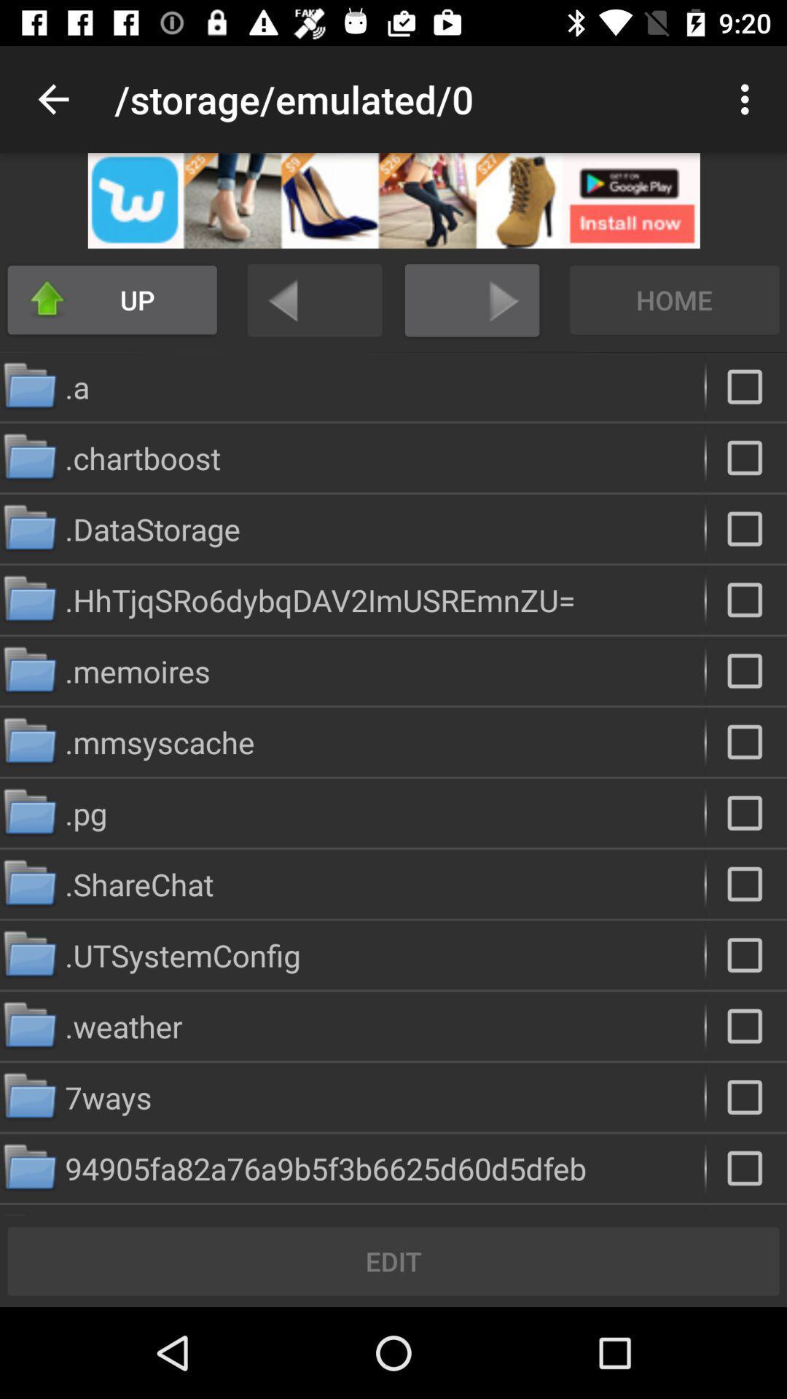 The height and width of the screenshot is (1399, 787). What do you see at coordinates (746, 1168) in the screenshot?
I see `folder` at bounding box center [746, 1168].